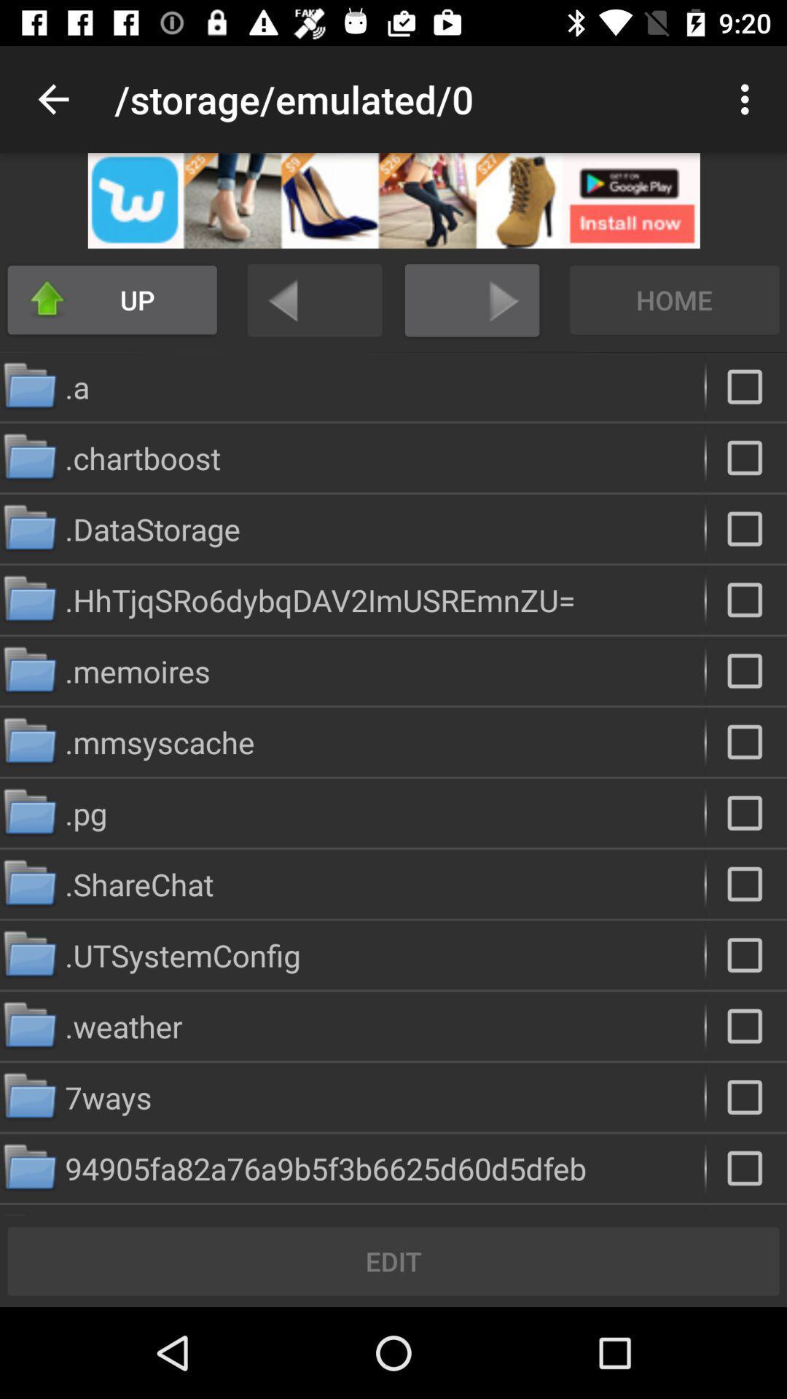 The height and width of the screenshot is (1399, 787). What do you see at coordinates (746, 1168) in the screenshot?
I see `folder` at bounding box center [746, 1168].